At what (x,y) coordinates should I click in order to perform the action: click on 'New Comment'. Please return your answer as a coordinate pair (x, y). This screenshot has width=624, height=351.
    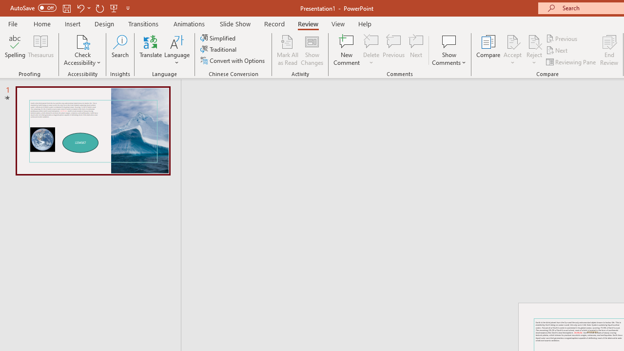
    Looking at the image, I should click on (347, 50).